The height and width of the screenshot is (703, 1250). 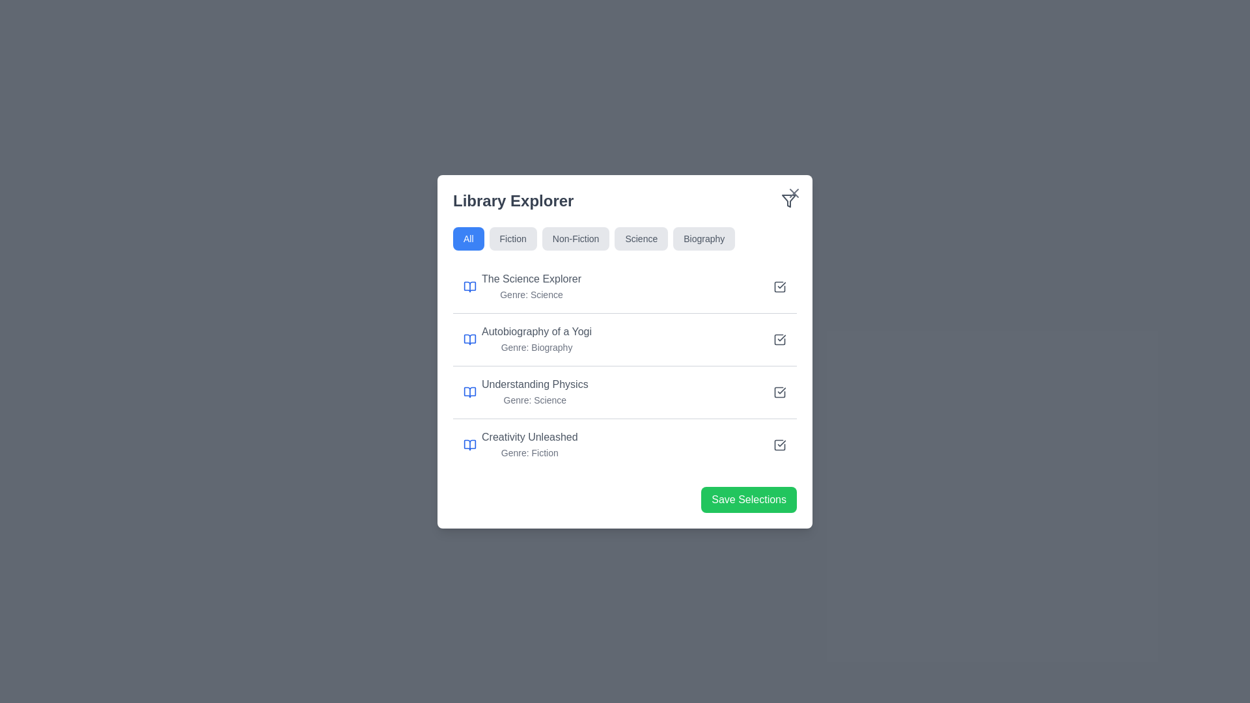 I want to click on the Text Display element that shows 'Autobiography of a Yogi' and 'Genre: Biography' in the Library Explorer card, so click(x=536, y=338).